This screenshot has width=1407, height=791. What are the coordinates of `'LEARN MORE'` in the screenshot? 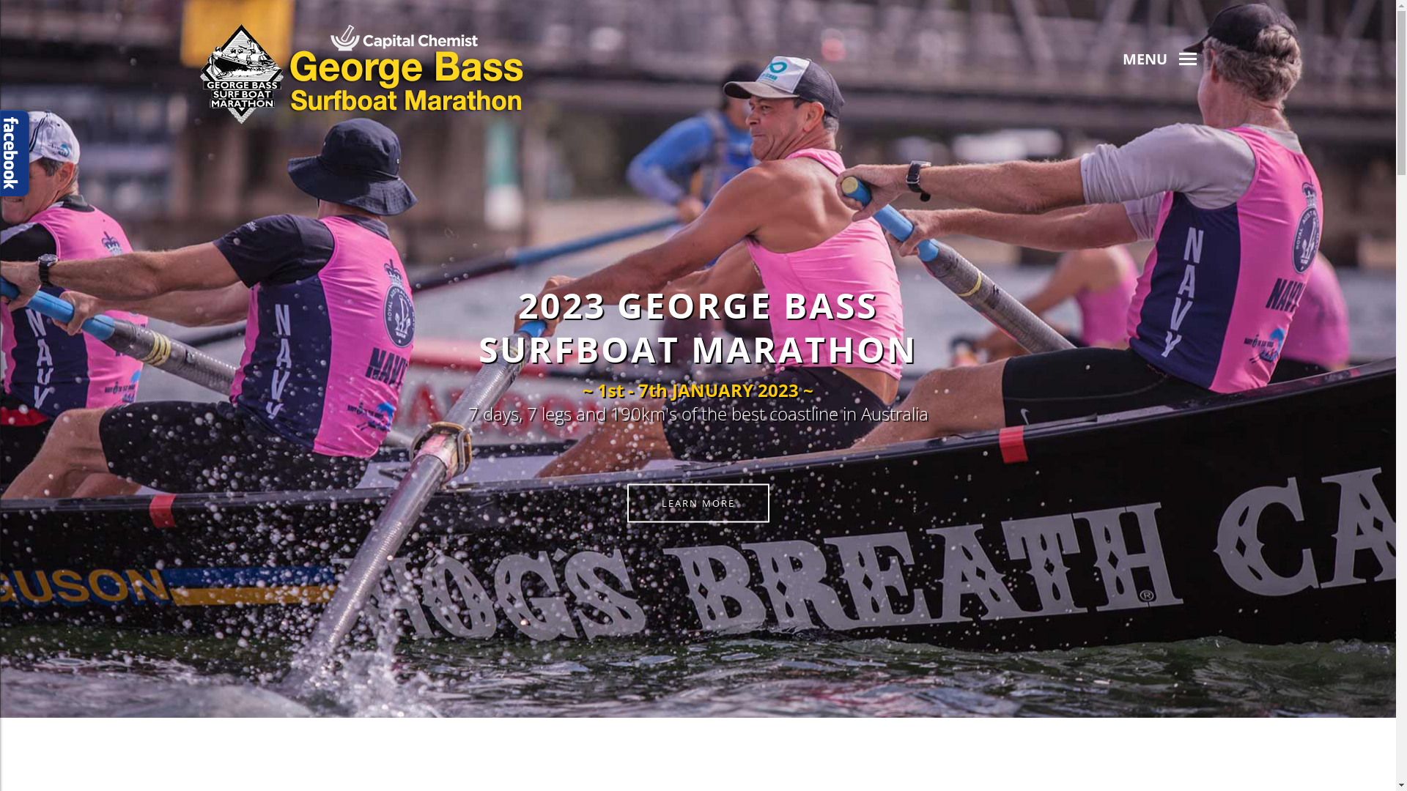 It's located at (627, 502).